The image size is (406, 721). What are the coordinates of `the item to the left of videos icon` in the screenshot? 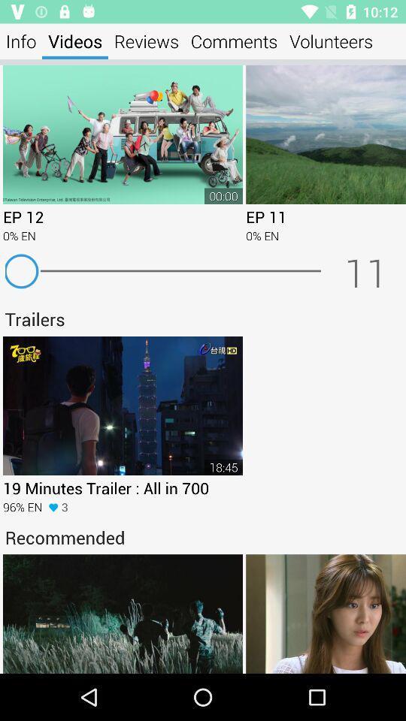 It's located at (20, 41).